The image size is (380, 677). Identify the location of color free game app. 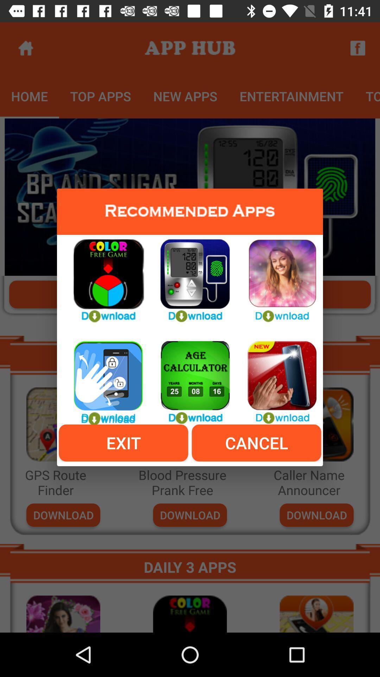
(103, 276).